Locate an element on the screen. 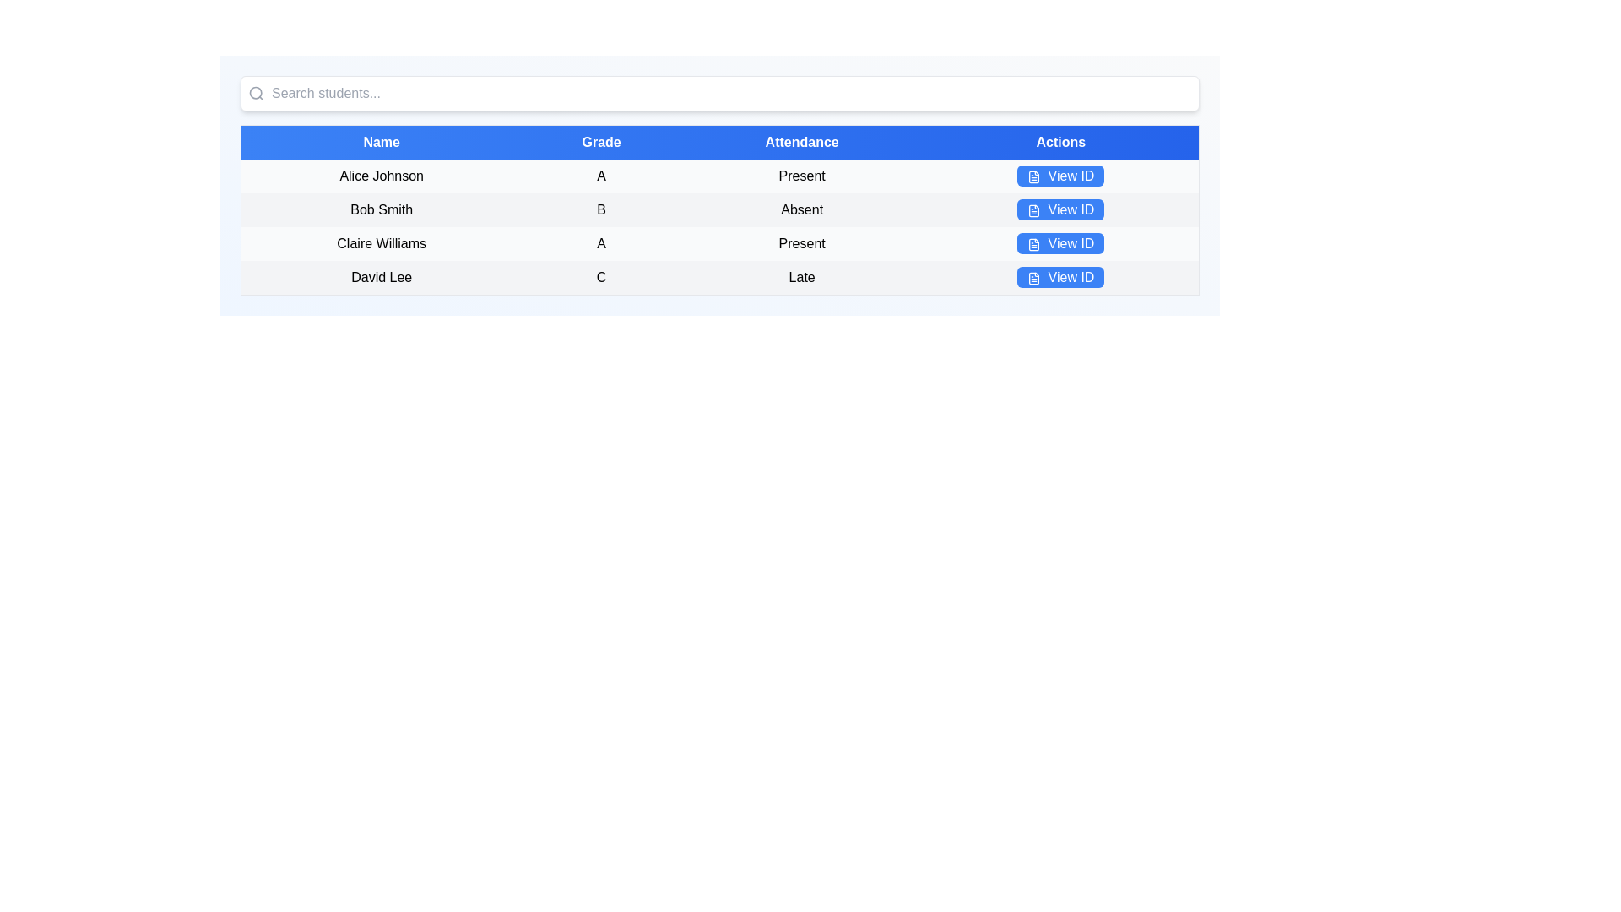 The width and height of the screenshot is (1621, 912). the uppercase letter 'C' located in the last row of the 'Grade' column for 'David Lee' in the table is located at coordinates (601, 277).